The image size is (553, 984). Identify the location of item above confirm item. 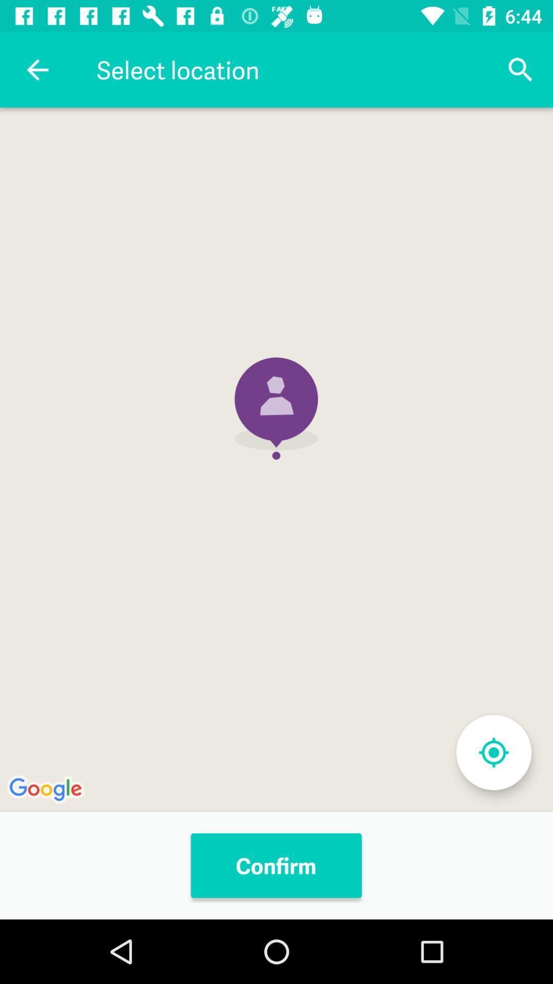
(276, 459).